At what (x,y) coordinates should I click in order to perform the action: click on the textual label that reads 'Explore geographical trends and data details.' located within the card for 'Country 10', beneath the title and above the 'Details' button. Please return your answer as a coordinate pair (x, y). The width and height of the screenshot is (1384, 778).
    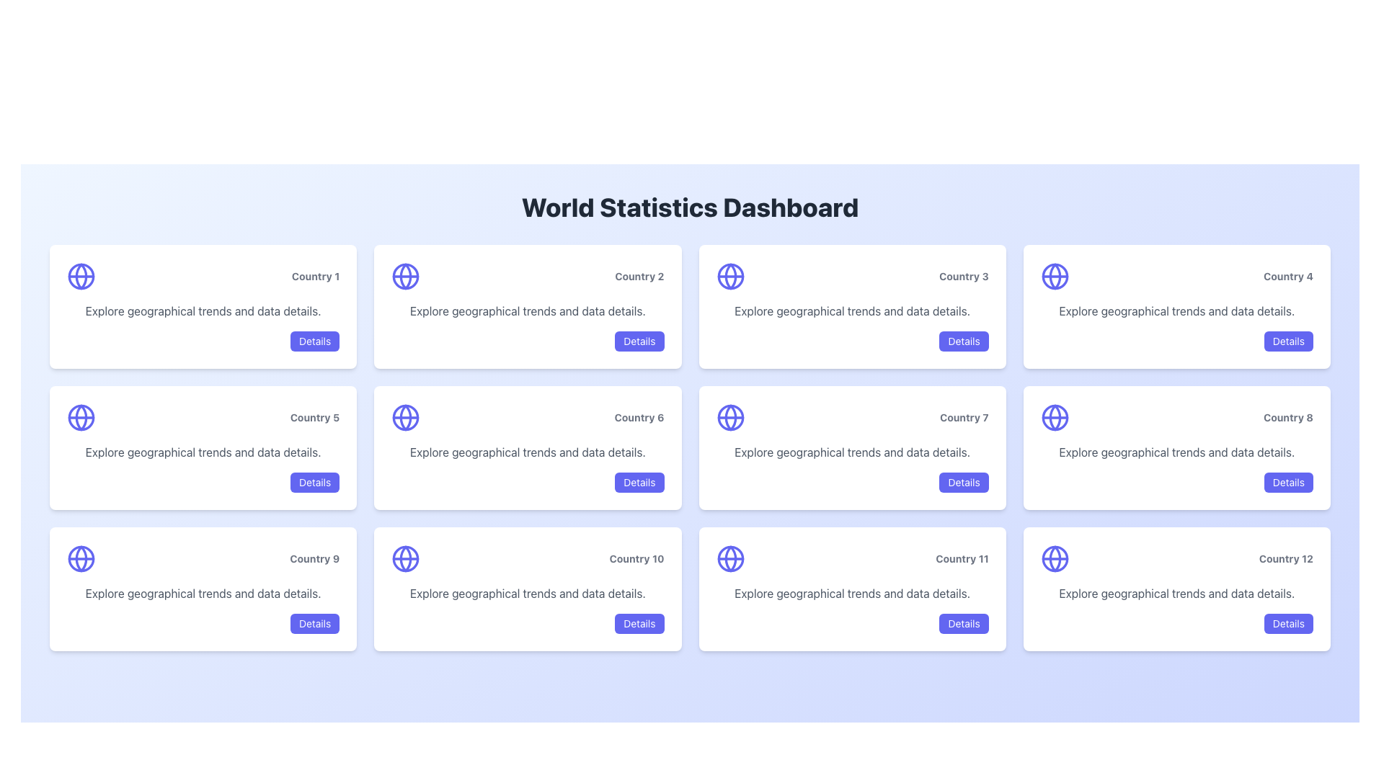
    Looking at the image, I should click on (527, 594).